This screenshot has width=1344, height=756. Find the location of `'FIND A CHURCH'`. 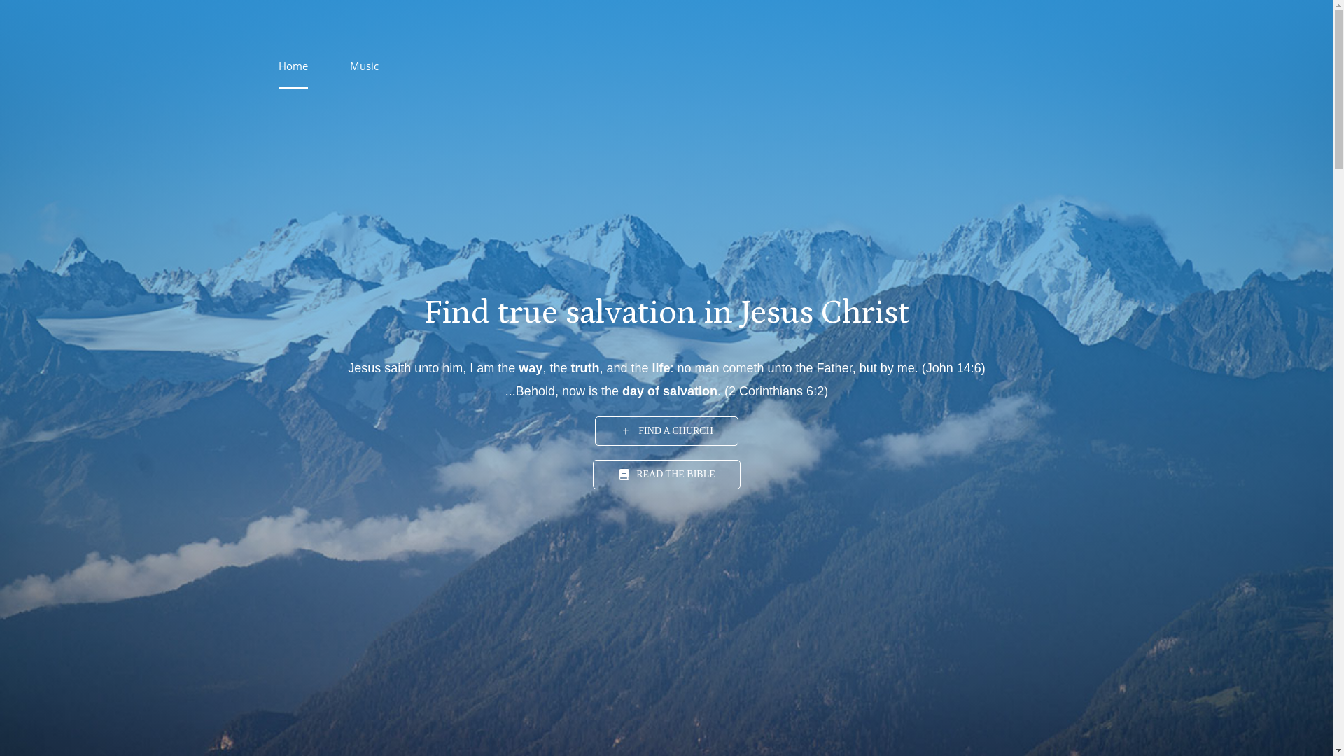

'FIND A CHURCH' is located at coordinates (666, 430).